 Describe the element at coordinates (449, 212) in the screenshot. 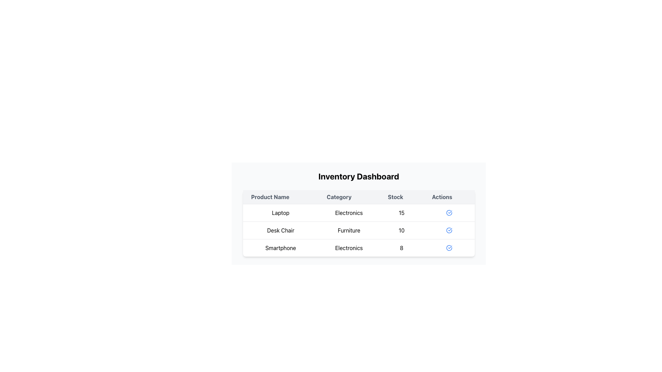

I see `the first interactive icon in the 'Actions' column of the table associated with the product 'Laptop'` at that location.